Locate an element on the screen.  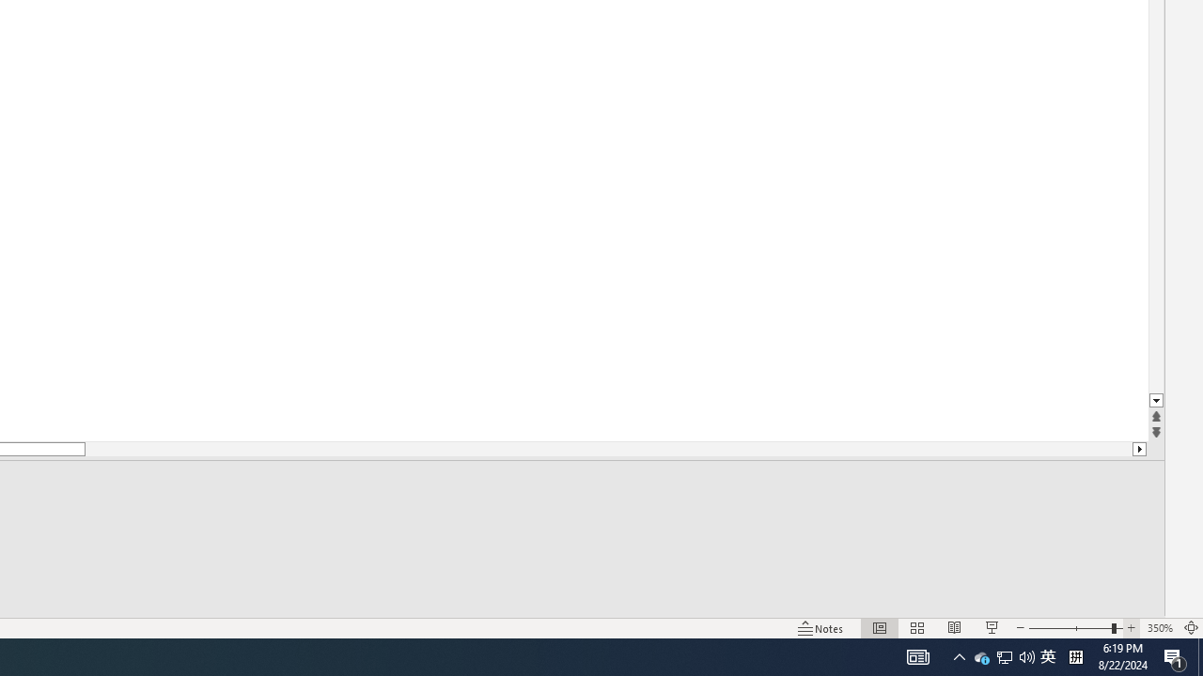
'Zoom 350%' is located at coordinates (1159, 628).